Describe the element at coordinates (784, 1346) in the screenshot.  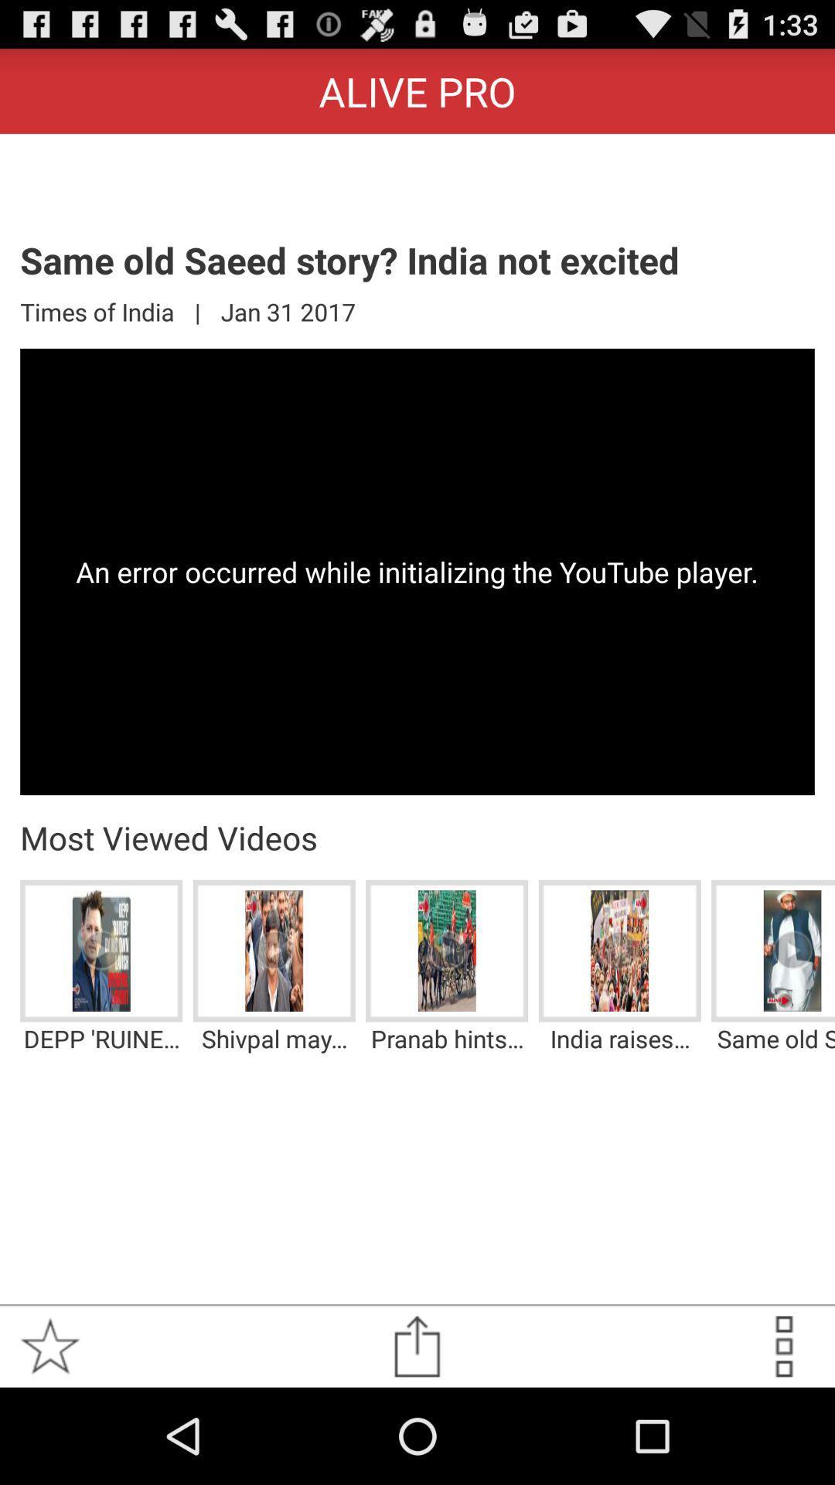
I see `to your queue` at that location.